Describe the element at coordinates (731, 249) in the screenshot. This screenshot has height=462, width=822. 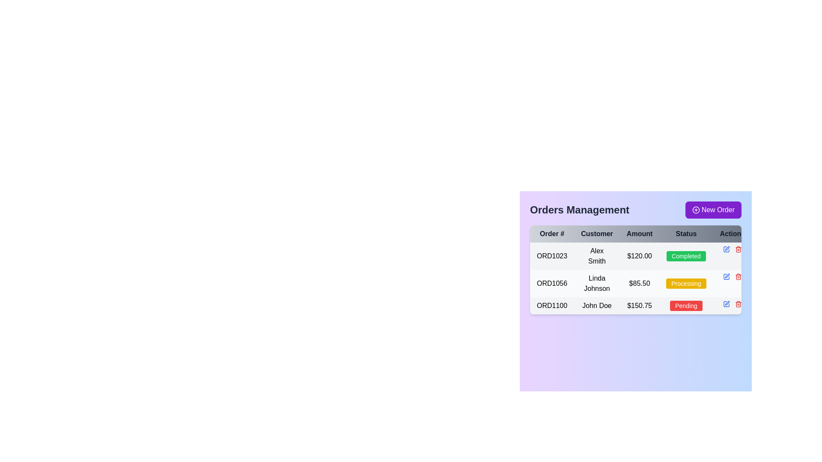
I see `the trash can icon in the Action column of the order ORD1023` at that location.